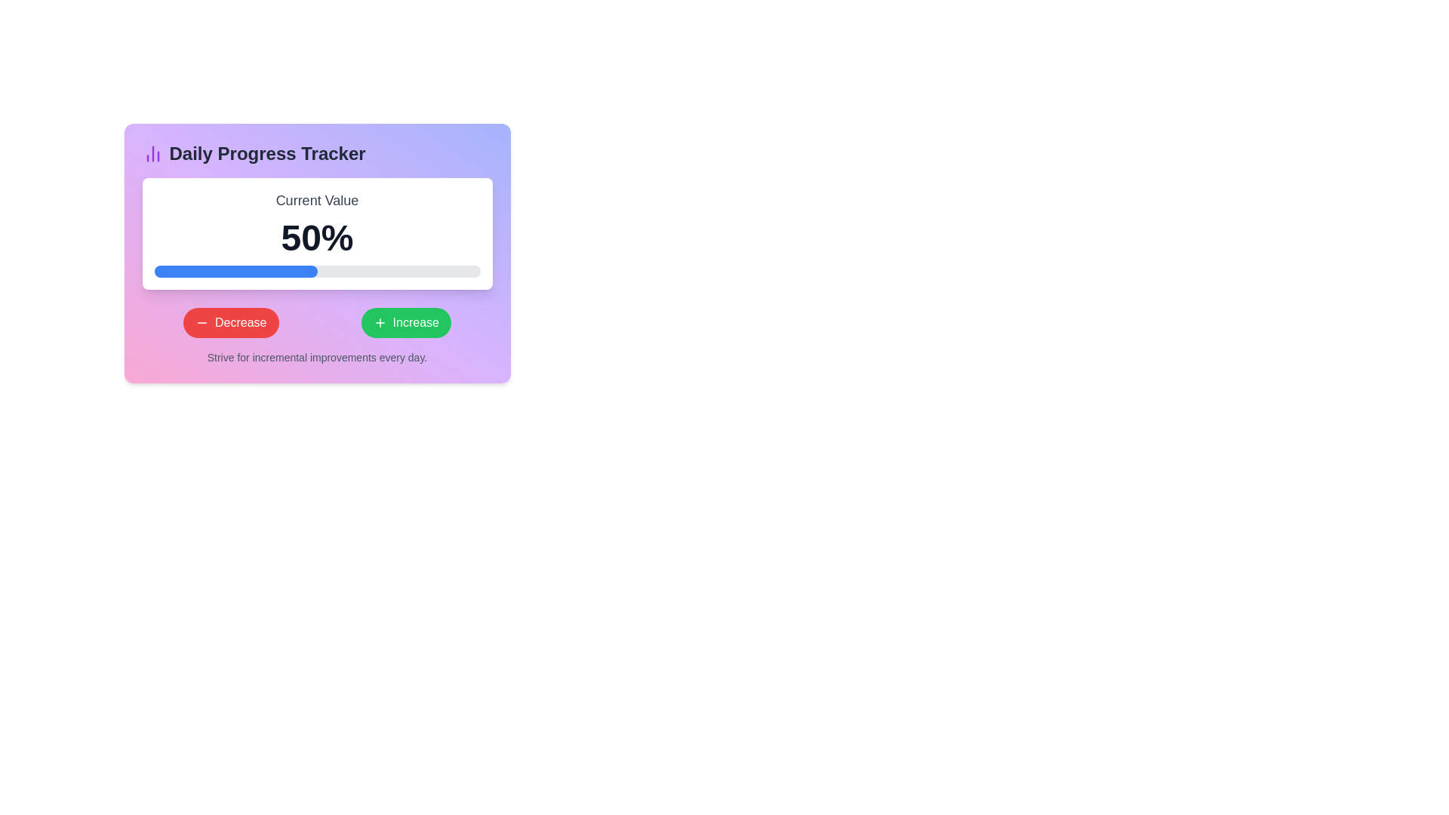 This screenshot has height=815, width=1449. Describe the element at coordinates (316, 358) in the screenshot. I see `the text label positioned at the bottom of the card, below the 'Decrease' and 'Increase' buttons, which serves as an informative subtitle or motivational message` at that location.